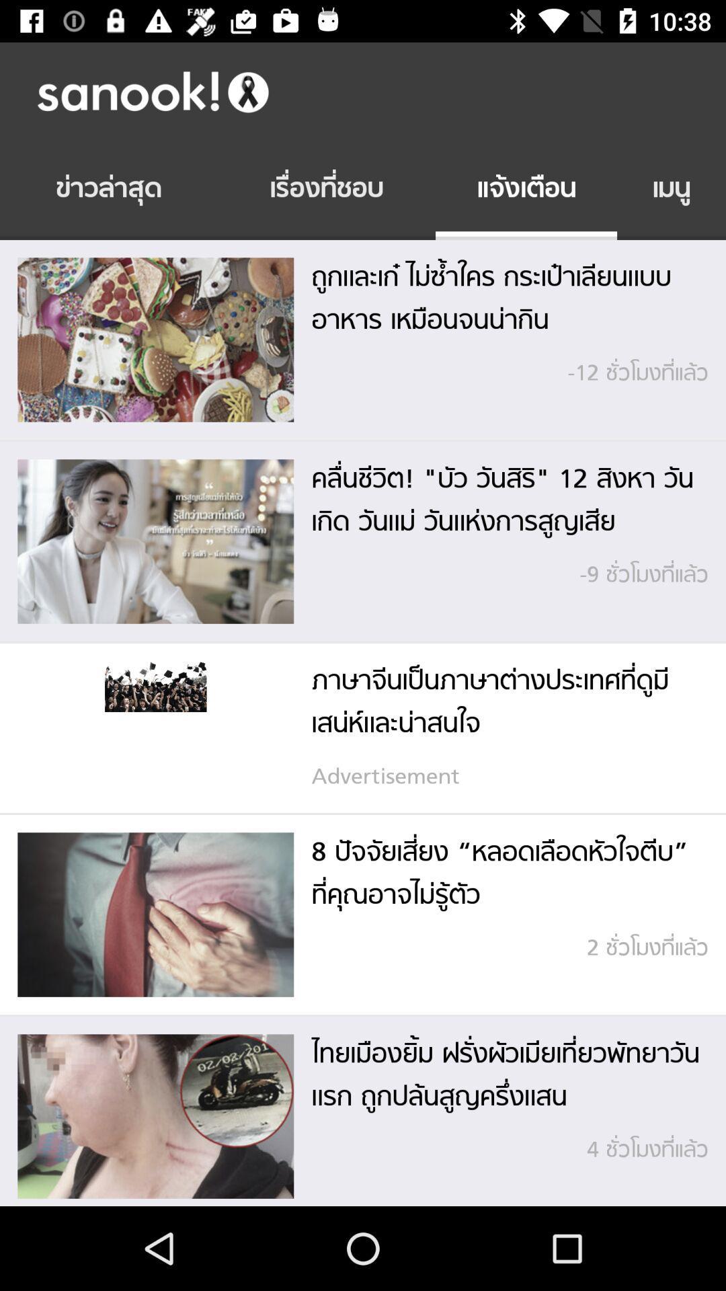 Image resolution: width=726 pixels, height=1291 pixels. What do you see at coordinates (155, 541) in the screenshot?
I see `the second image` at bounding box center [155, 541].